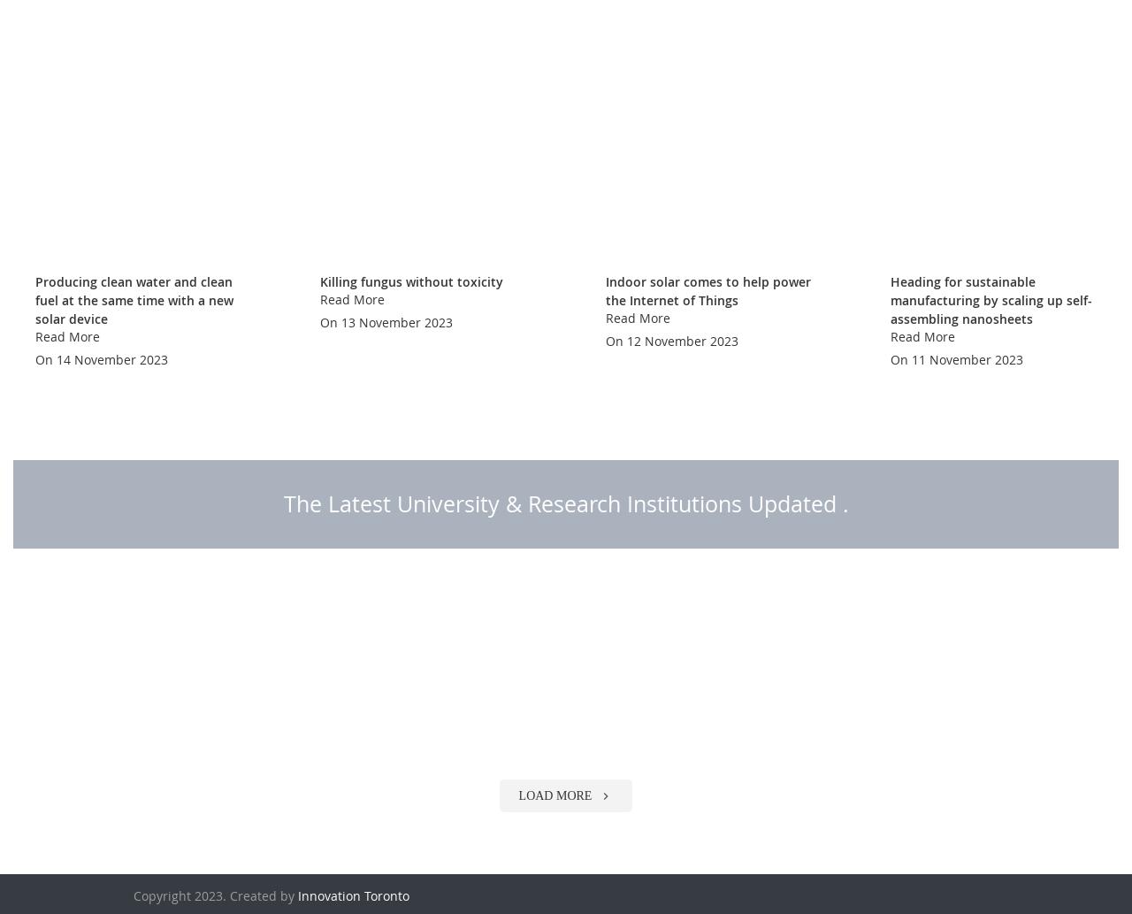 This screenshot has width=1132, height=914. Describe the element at coordinates (709, 842) in the screenshot. I see `'University of Illinois at Urbana Champaign (UIUC)'` at that location.